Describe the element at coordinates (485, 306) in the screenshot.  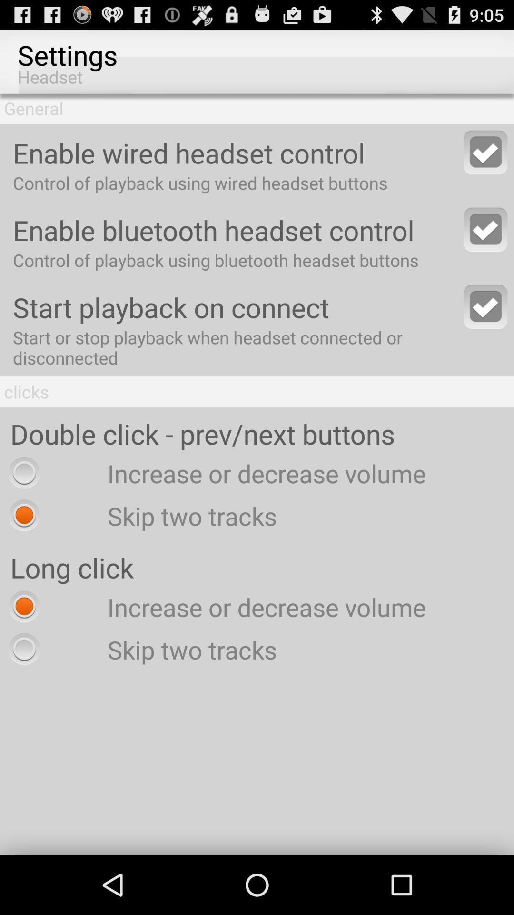
I see `mark or unmark` at that location.